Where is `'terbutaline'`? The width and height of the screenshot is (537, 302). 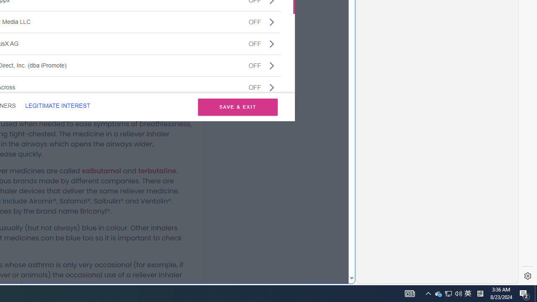
'terbutaline' is located at coordinates (157, 170).